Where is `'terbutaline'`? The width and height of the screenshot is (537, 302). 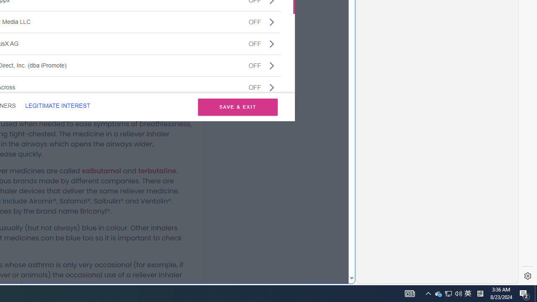
'terbutaline' is located at coordinates (157, 170).